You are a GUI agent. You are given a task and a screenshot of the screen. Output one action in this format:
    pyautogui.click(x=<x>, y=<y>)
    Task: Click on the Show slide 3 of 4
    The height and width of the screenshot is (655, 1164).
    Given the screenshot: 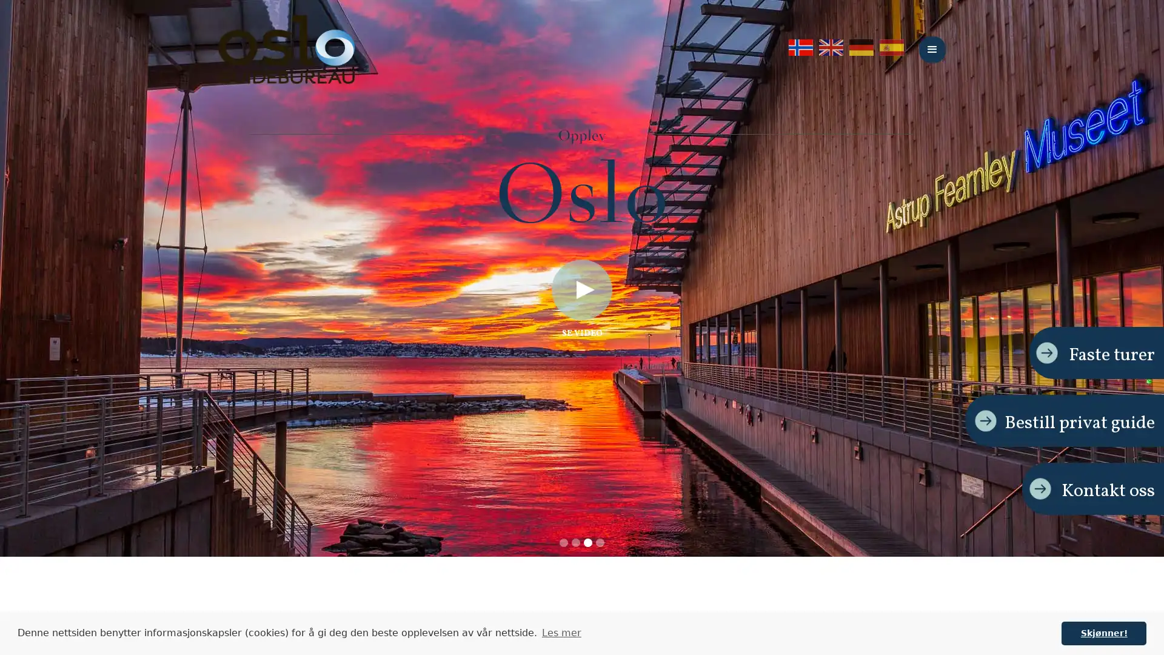 What is the action you would take?
    pyautogui.click(x=587, y=542)
    